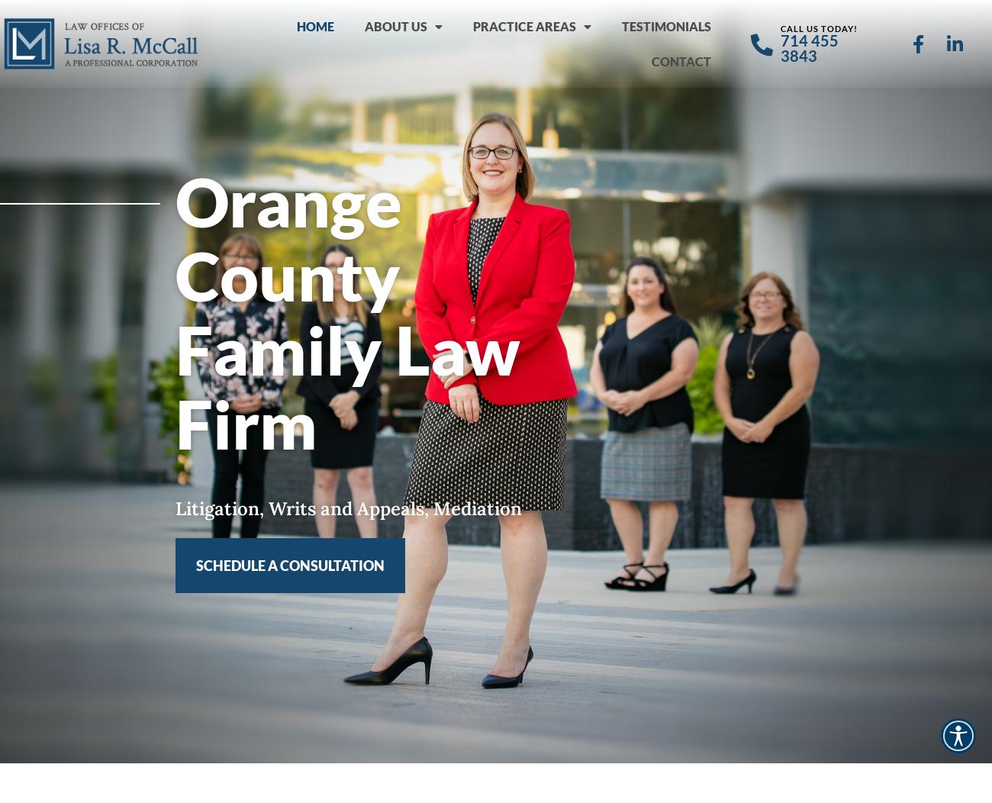 The width and height of the screenshot is (992, 803). What do you see at coordinates (315, 25) in the screenshot?
I see `'HOME'` at bounding box center [315, 25].